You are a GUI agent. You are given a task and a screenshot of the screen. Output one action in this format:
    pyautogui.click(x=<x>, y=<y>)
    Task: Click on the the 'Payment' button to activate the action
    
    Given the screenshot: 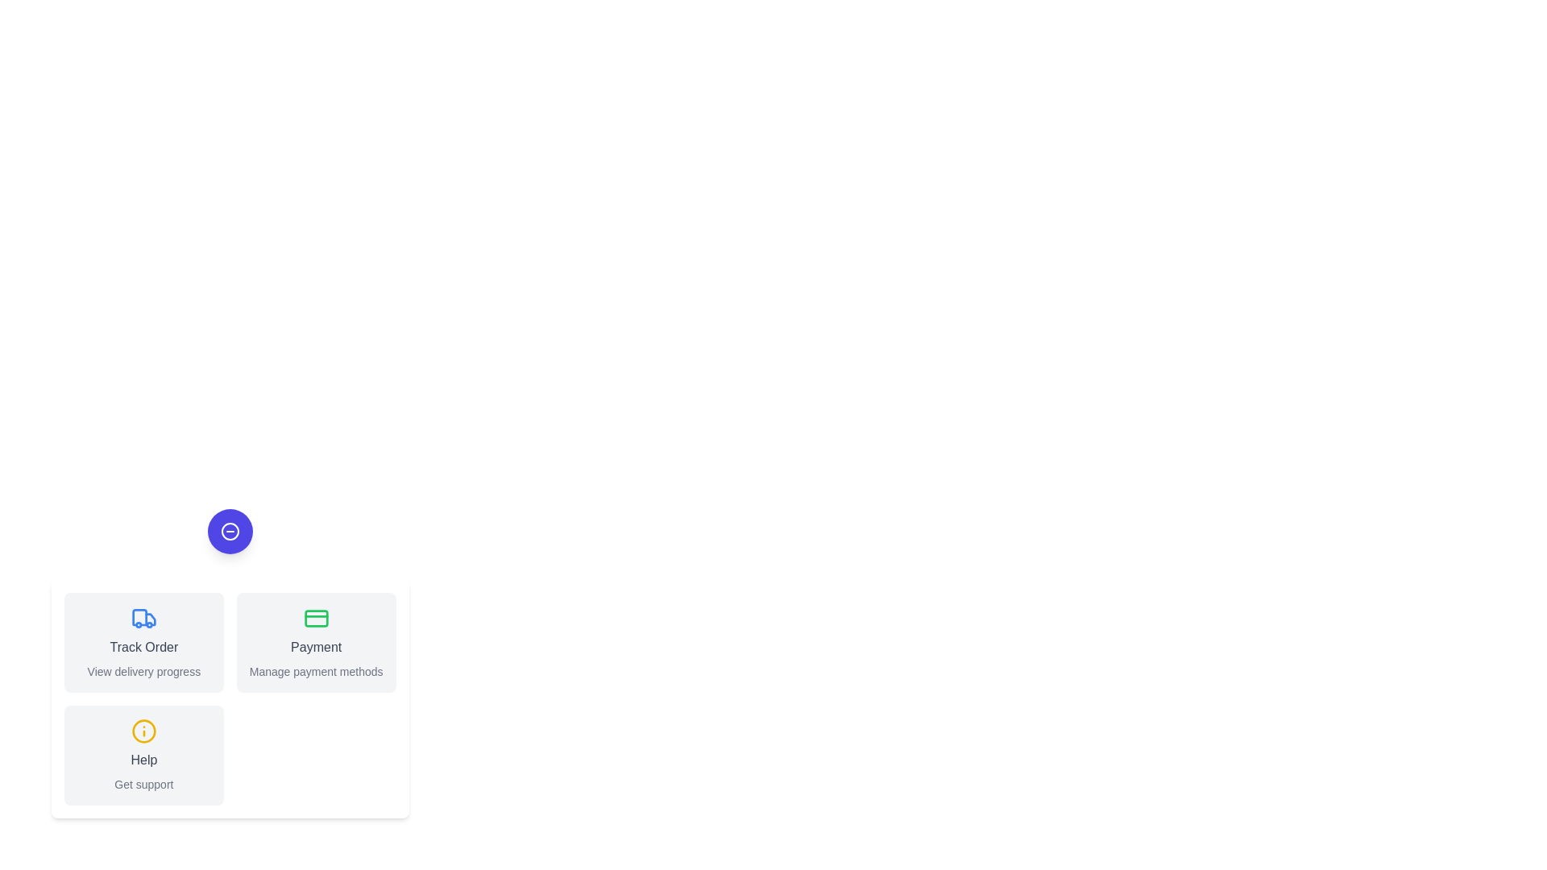 What is the action you would take?
    pyautogui.click(x=316, y=642)
    